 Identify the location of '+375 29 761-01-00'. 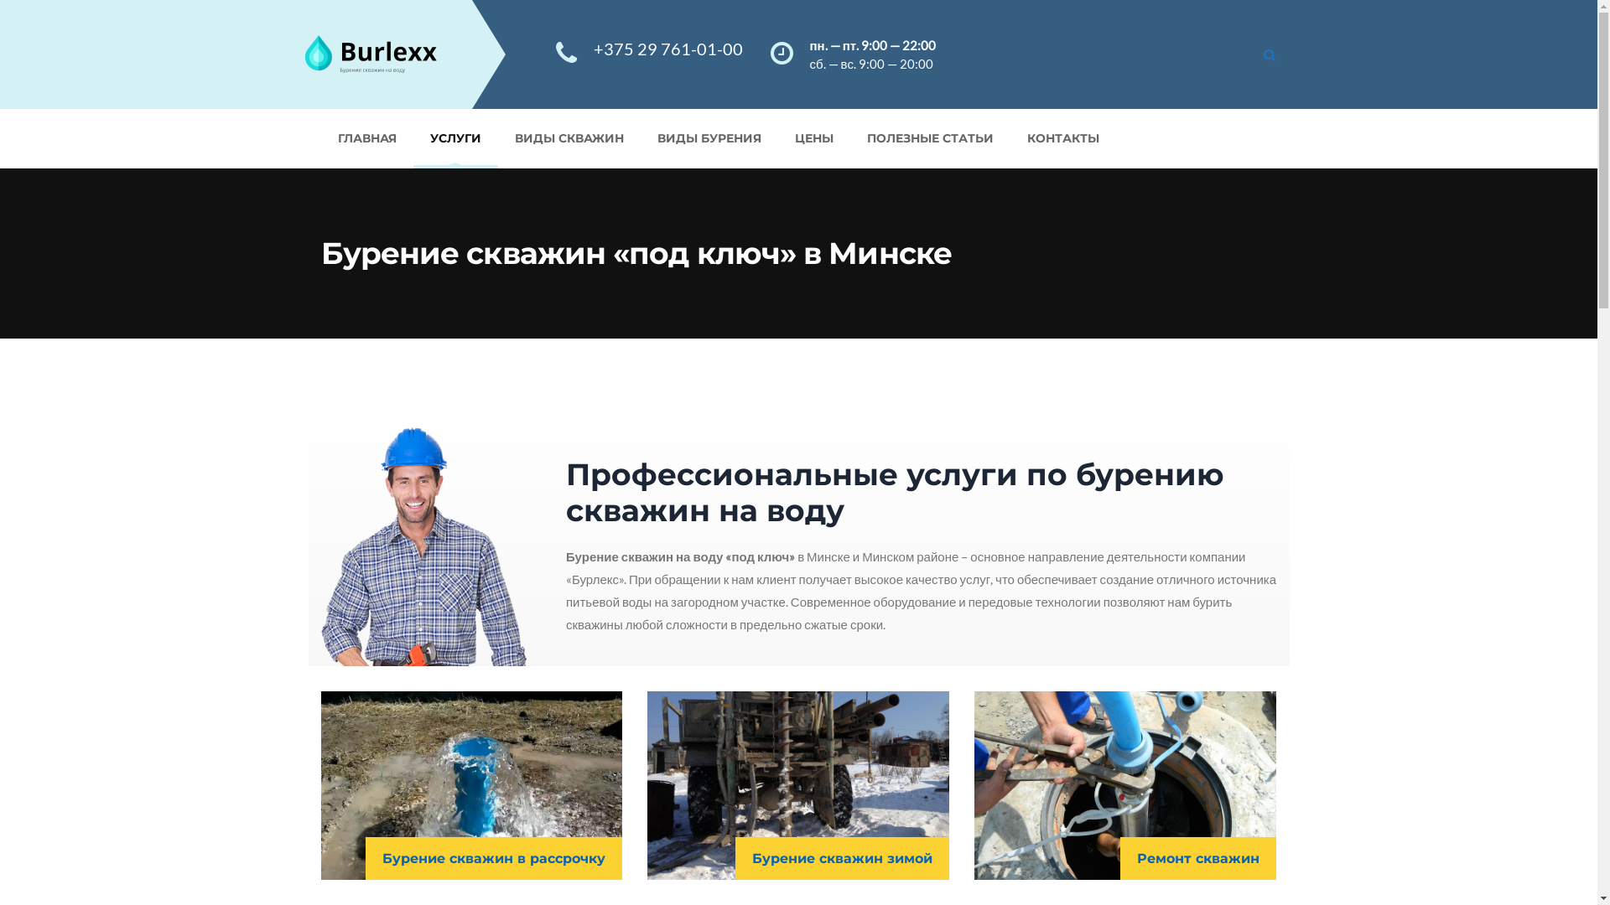
(594, 47).